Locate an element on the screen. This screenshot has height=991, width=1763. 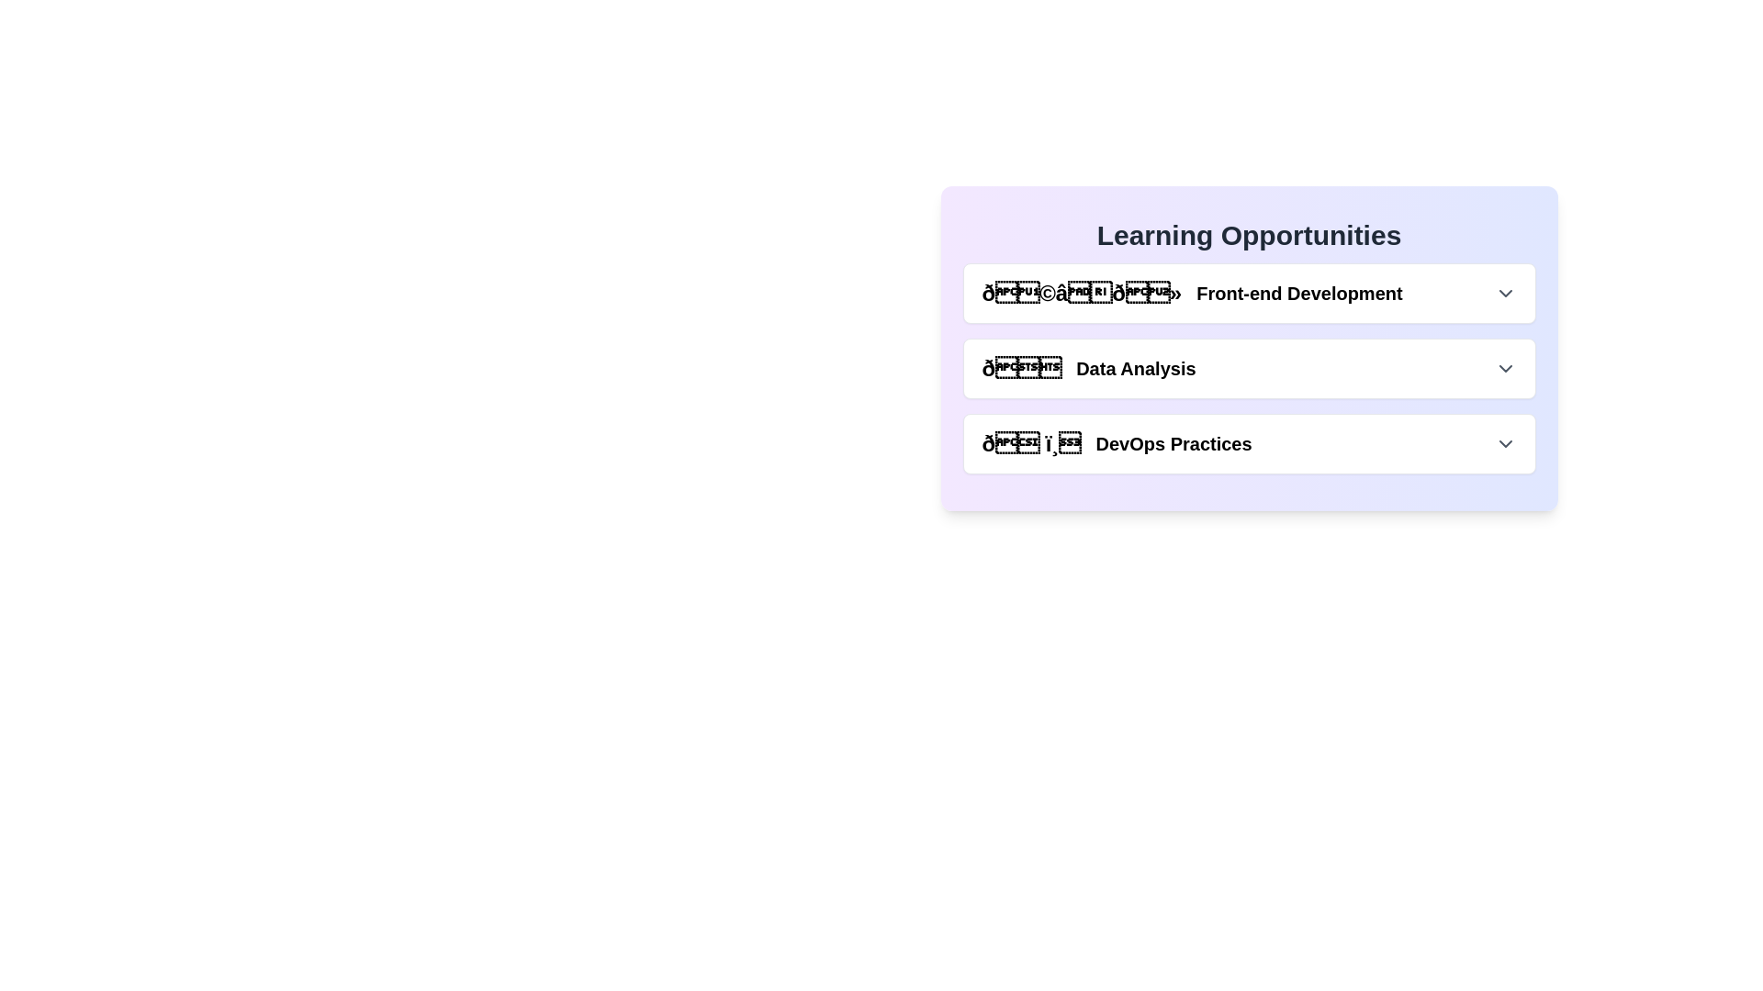
the expandable list item labeled 'Data Analysis' that appears between 'Front-end Development' and 'DevOps Practices' within the 'Learning Opportunities' box is located at coordinates (1249, 368).